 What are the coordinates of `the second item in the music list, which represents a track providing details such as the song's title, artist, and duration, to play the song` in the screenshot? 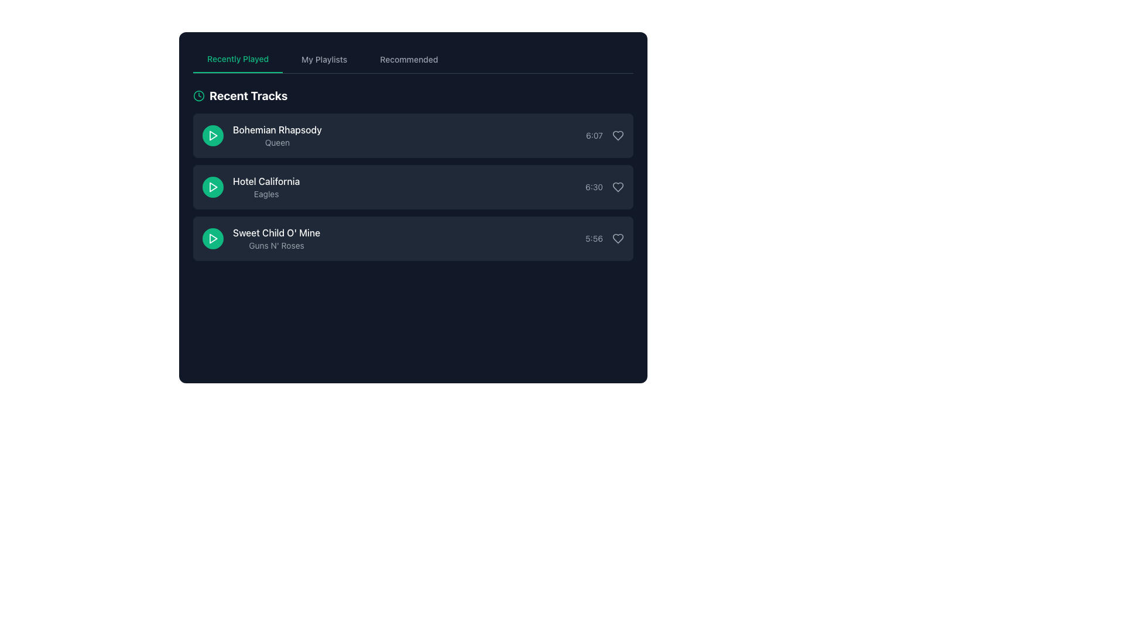 It's located at (413, 174).